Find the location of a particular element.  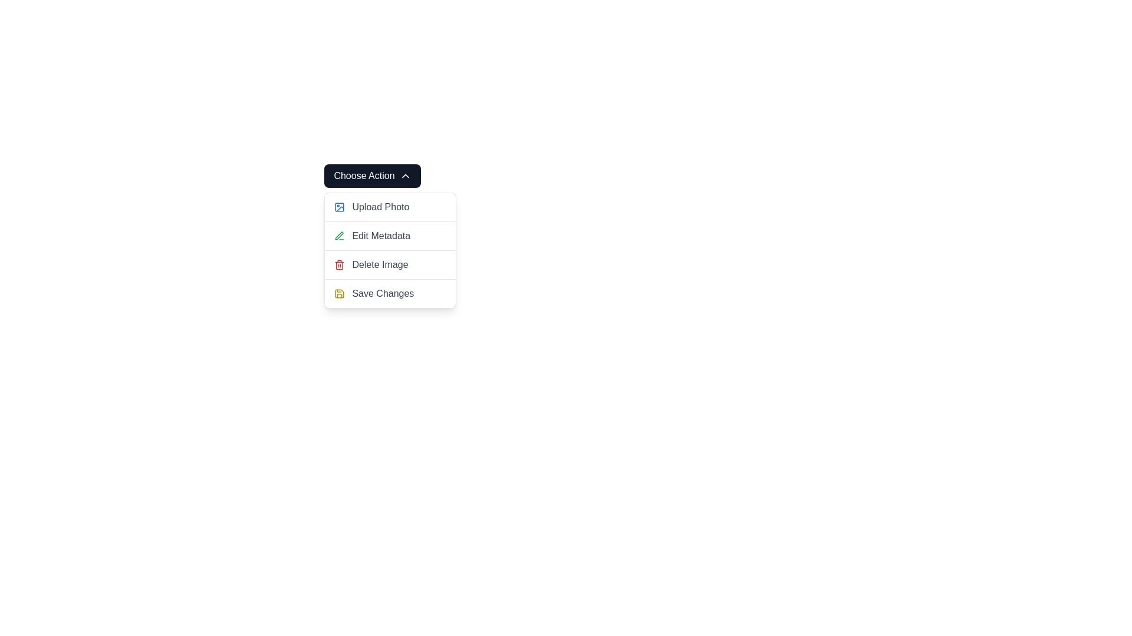

the delete image button, which is the third item in a vertical list within a dropdown menu is located at coordinates (390, 265).